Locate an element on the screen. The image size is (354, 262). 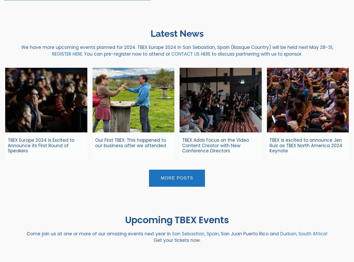
', San Juan Puerto Rico and' is located at coordinates (250, 233).